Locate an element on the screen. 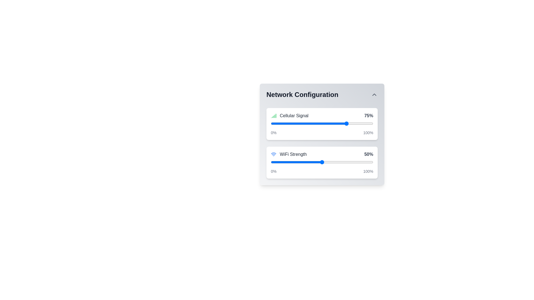  the Cellular Signal strength is located at coordinates (336, 123).